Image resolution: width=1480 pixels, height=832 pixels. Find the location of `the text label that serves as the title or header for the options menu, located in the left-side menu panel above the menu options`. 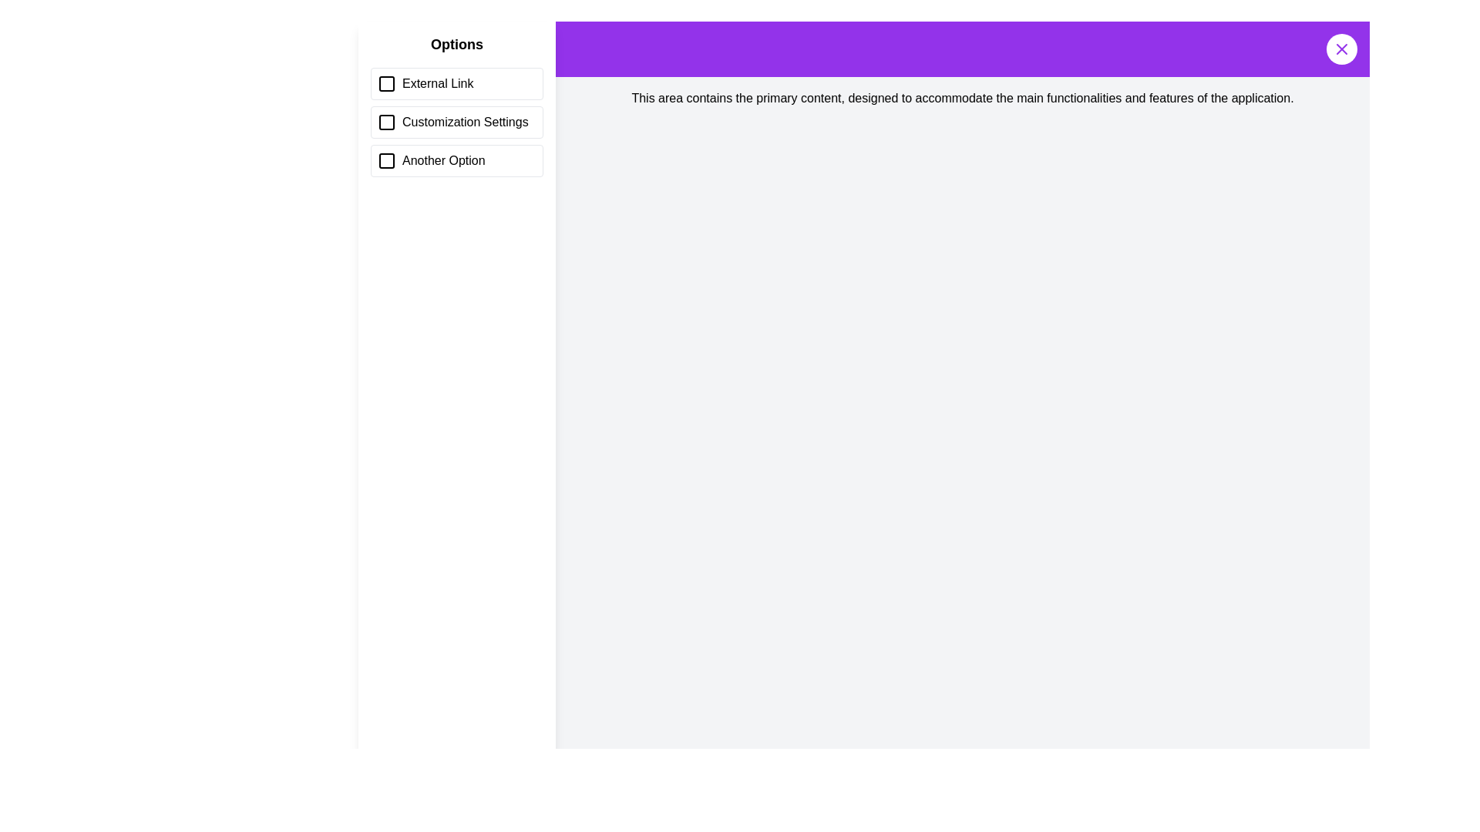

the text label that serves as the title or header for the options menu, located in the left-side menu panel above the menu options is located at coordinates (456, 43).